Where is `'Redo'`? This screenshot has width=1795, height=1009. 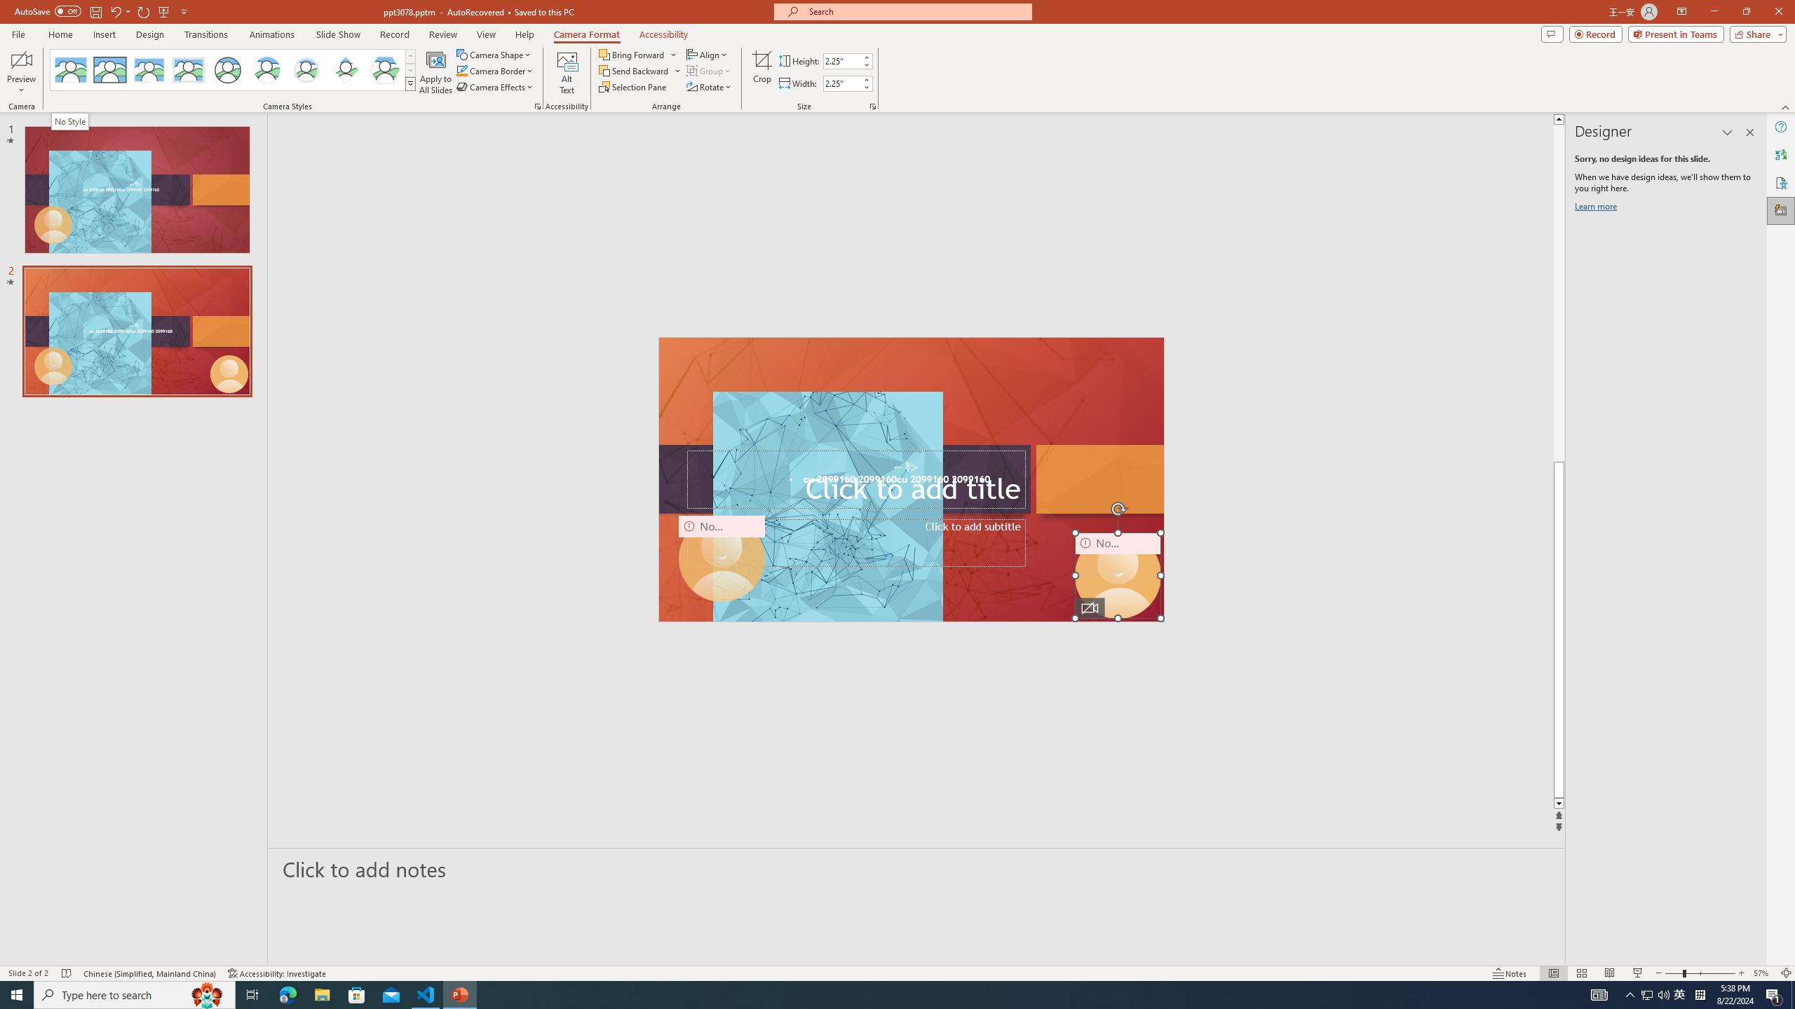 'Redo' is located at coordinates (144, 11).